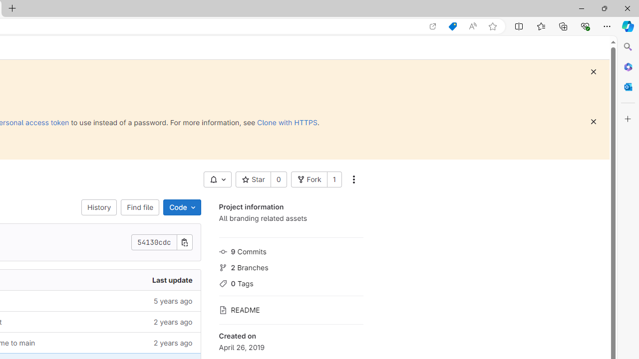 Image resolution: width=639 pixels, height=359 pixels. What do you see at coordinates (334, 179) in the screenshot?
I see `'1'` at bounding box center [334, 179].